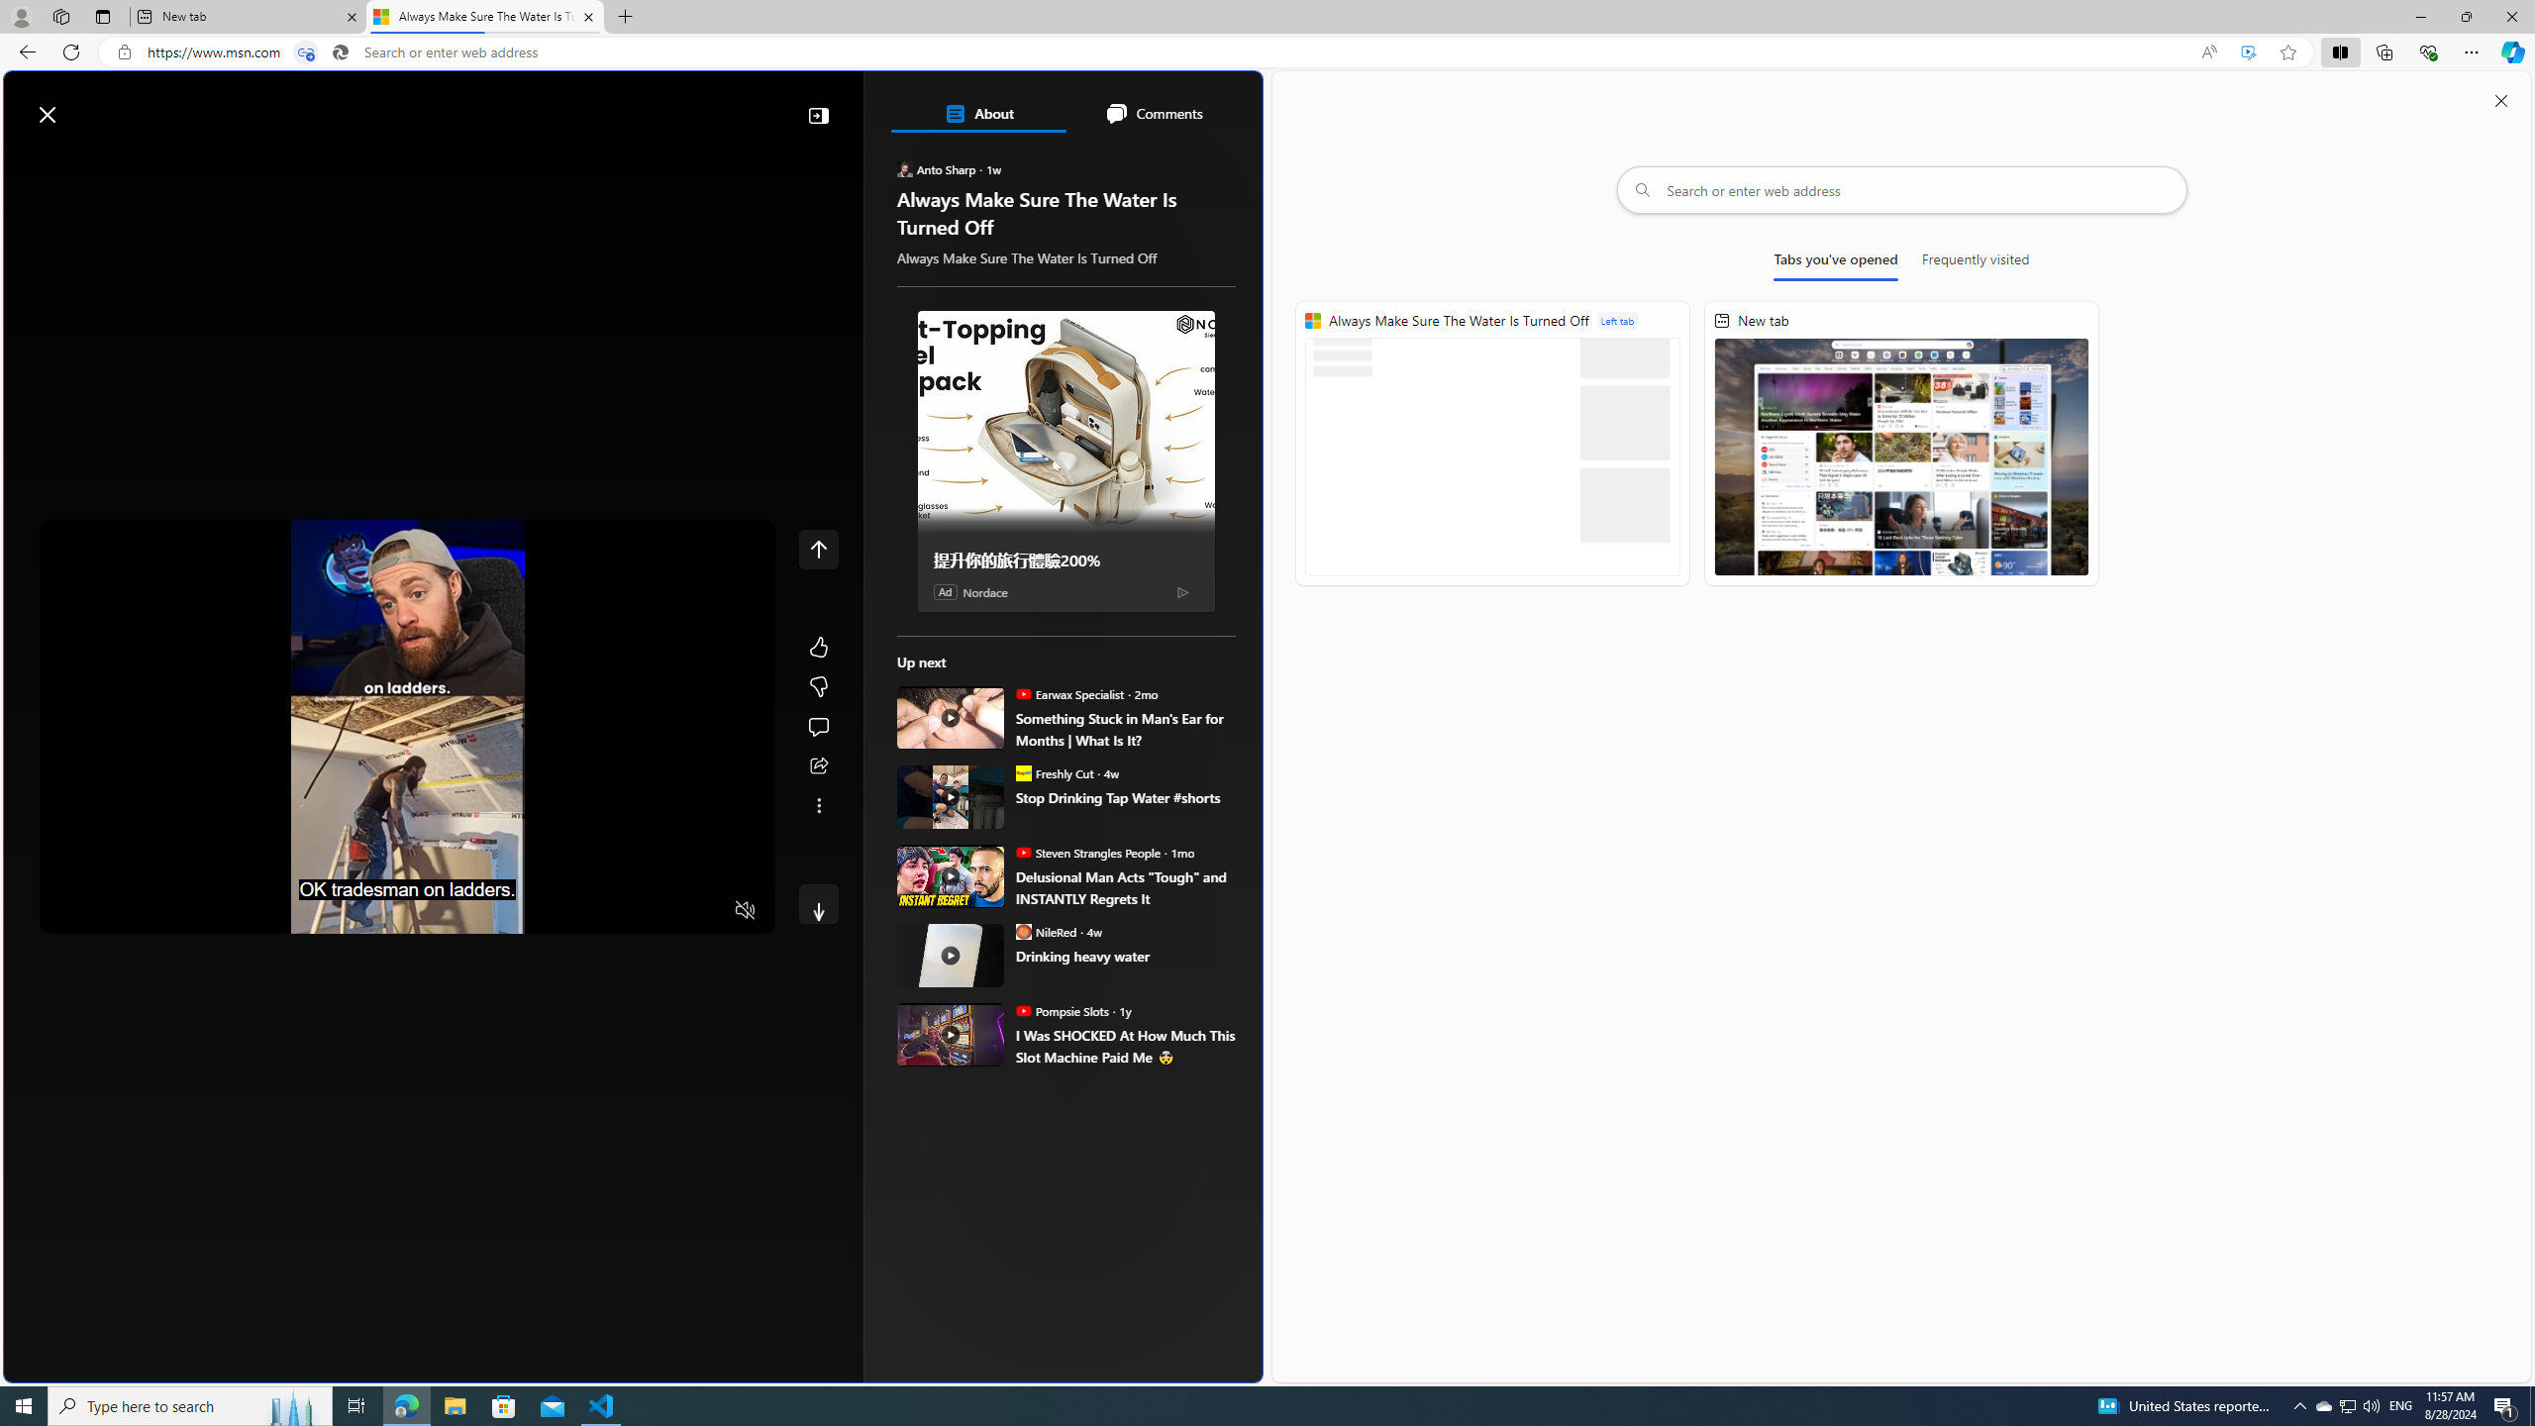  I want to click on 'Close', so click(2510, 16).